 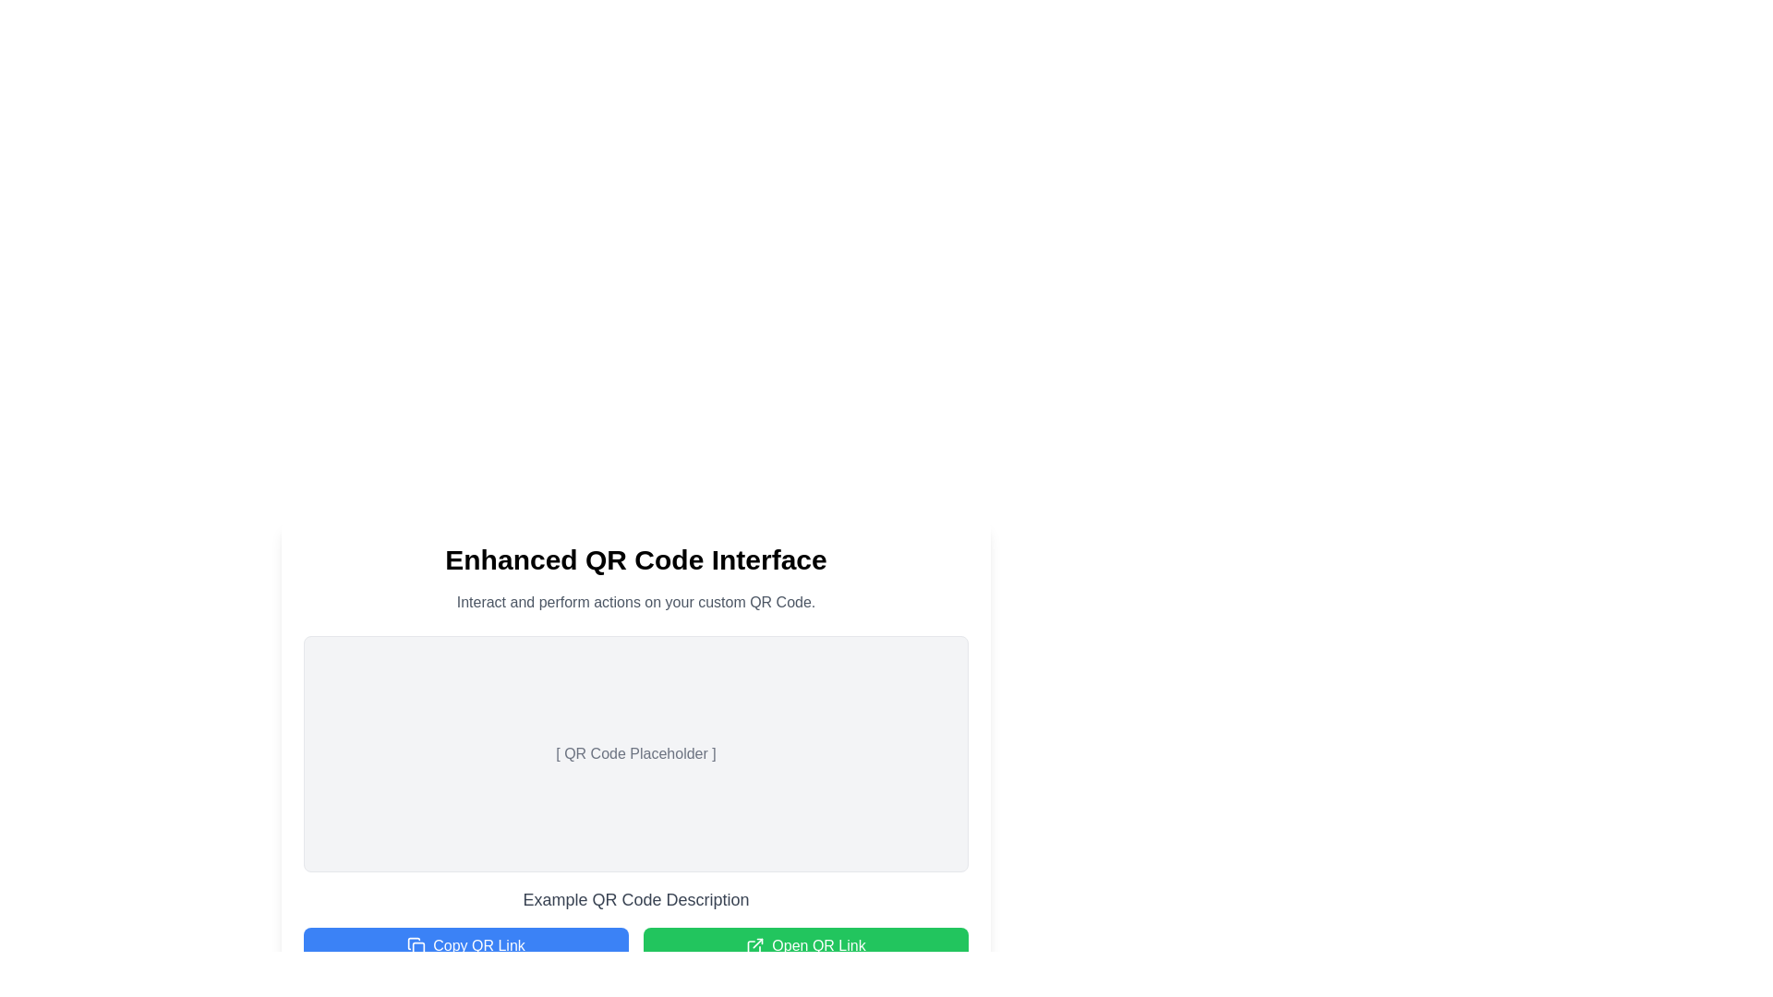 What do you see at coordinates (417, 948) in the screenshot?
I see `the graphical element representing the copy icon, which is a rectangular shape with rounded corners located centrally within the copy icon near the bottom-left corner of the interface` at bounding box center [417, 948].